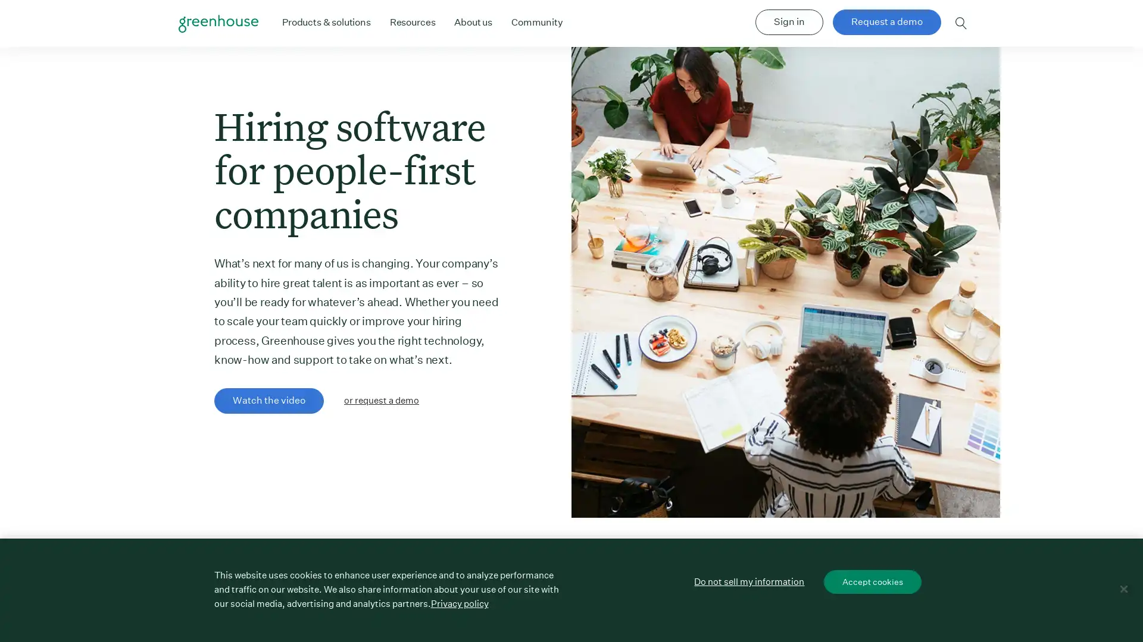  I want to click on Accept cookies, so click(872, 581).